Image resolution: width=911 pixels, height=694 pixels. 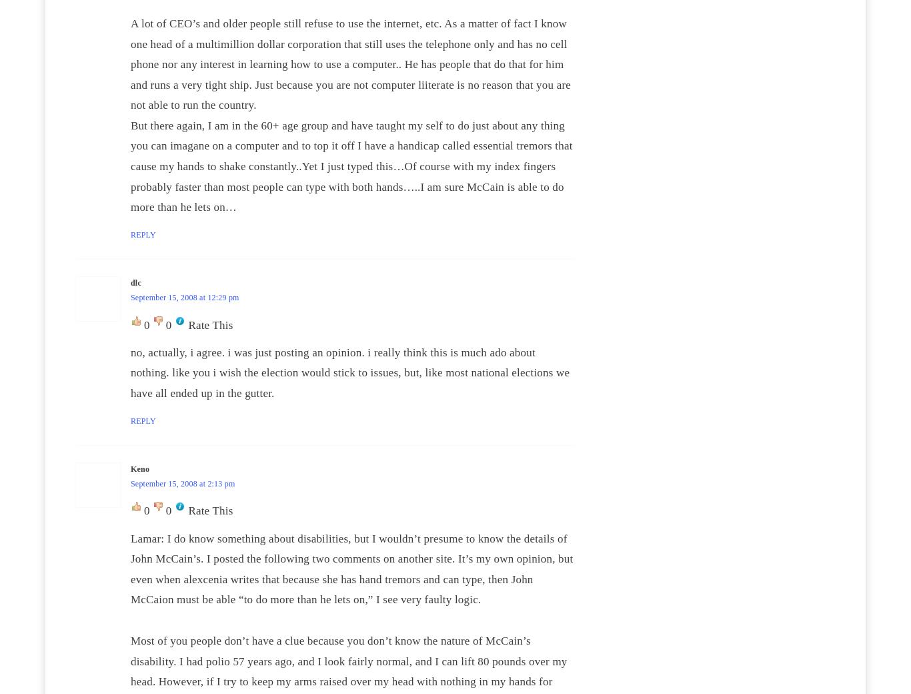 What do you see at coordinates (351, 63) in the screenshot?
I see `'A lot of CEO’s and older people still refuse to use the internet, etc.  As a matter of fact I know one  head of a multimillion dollar corporation that still uses the telephone only and has no cell phone nor any interest in learning how to use a computer.. He has people that do that for him and runs a very tight ship. Just because you are not computer liiterate is no reason that you are not able to run the country.'` at bounding box center [351, 63].